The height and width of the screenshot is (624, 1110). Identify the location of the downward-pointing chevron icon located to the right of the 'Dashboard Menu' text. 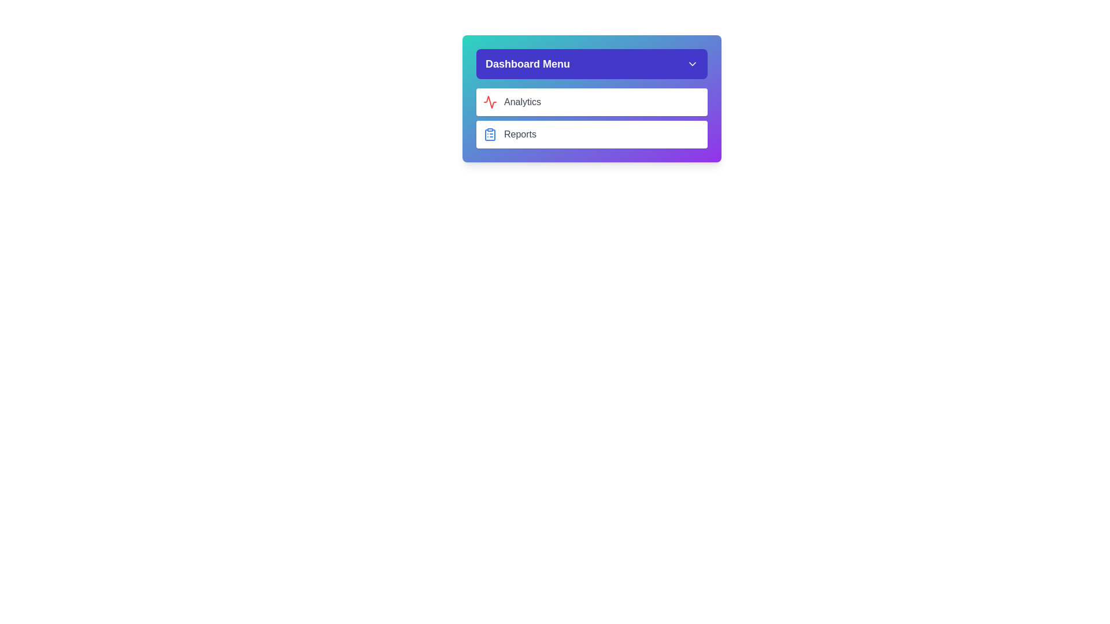
(693, 64).